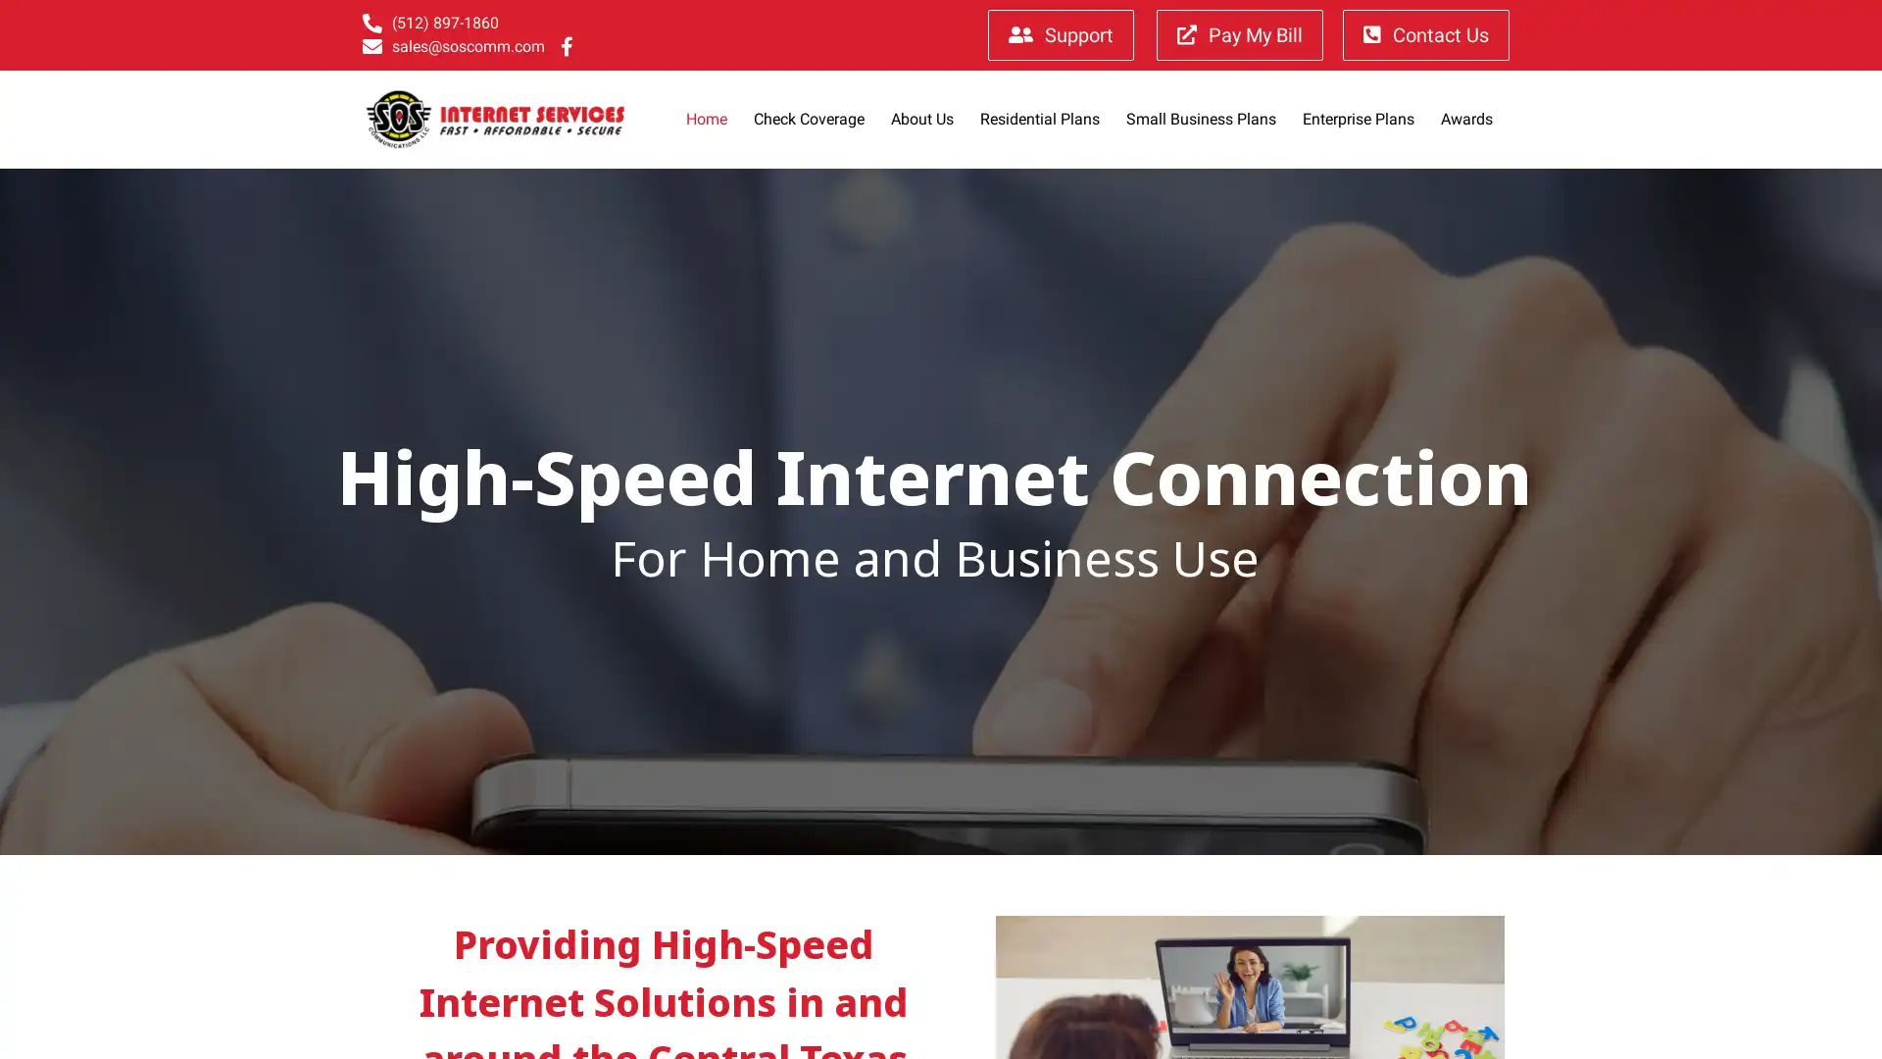 The image size is (1882, 1059). Describe the element at coordinates (1239, 34) in the screenshot. I see `Pay My Bill` at that location.